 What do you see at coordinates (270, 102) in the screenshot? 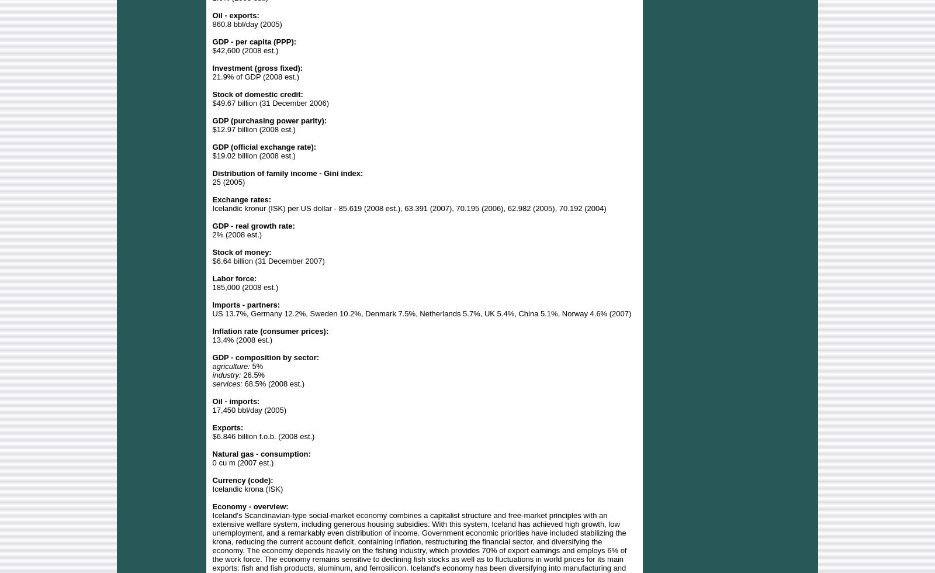
I see `'$49.67 billion (31 December 2006)'` at bounding box center [270, 102].